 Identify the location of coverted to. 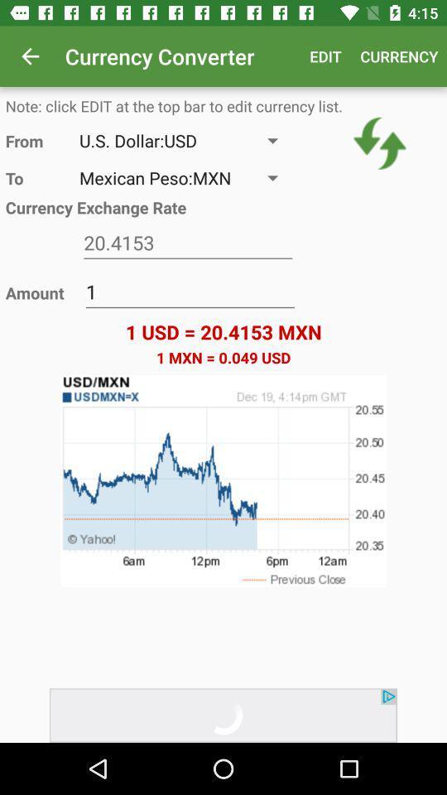
(187, 242).